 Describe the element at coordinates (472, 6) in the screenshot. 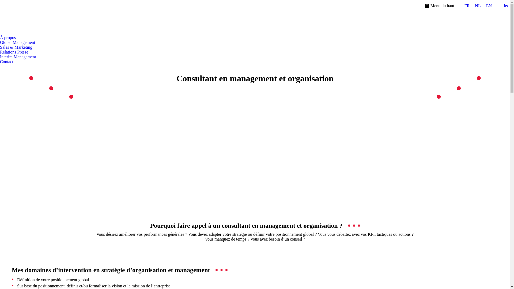

I see `'NL'` at that location.